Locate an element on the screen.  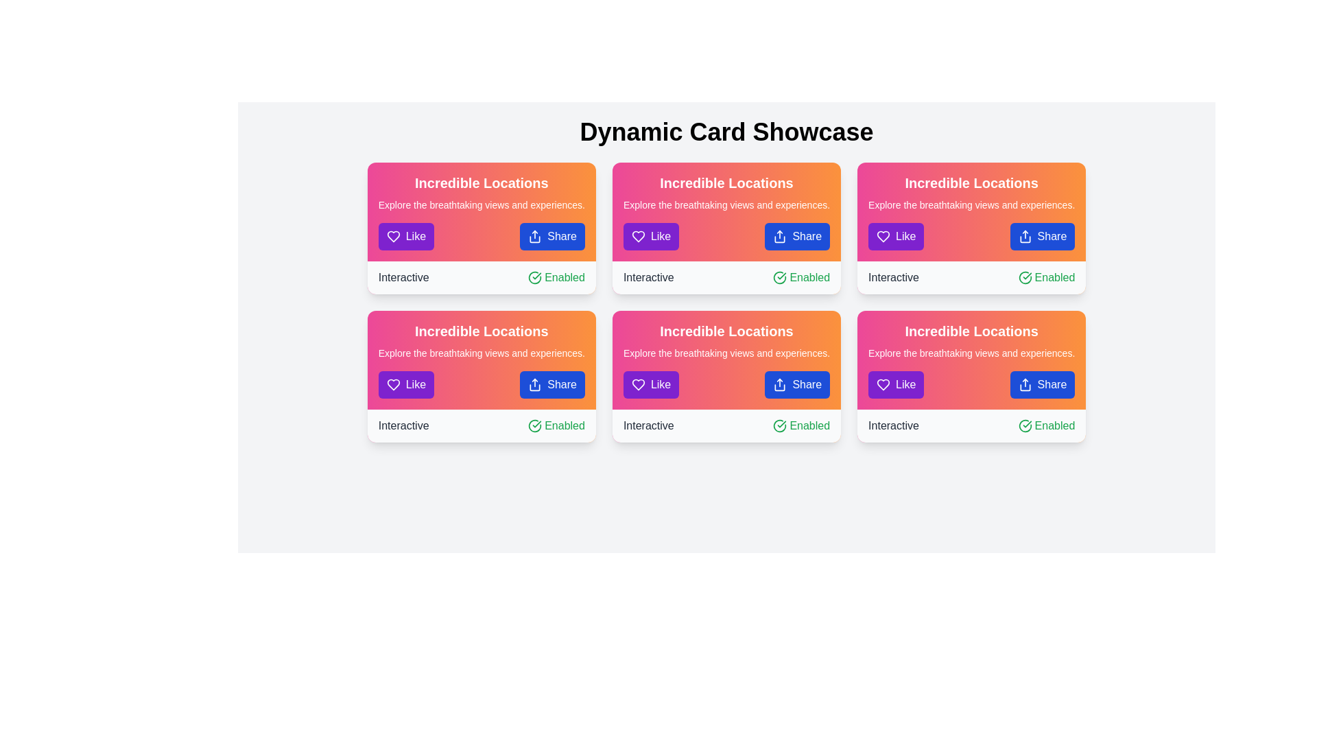
the share icon button which features a blue background and a white share symbol with an upward arrow, located next to the 'Share' text is located at coordinates (780, 235).